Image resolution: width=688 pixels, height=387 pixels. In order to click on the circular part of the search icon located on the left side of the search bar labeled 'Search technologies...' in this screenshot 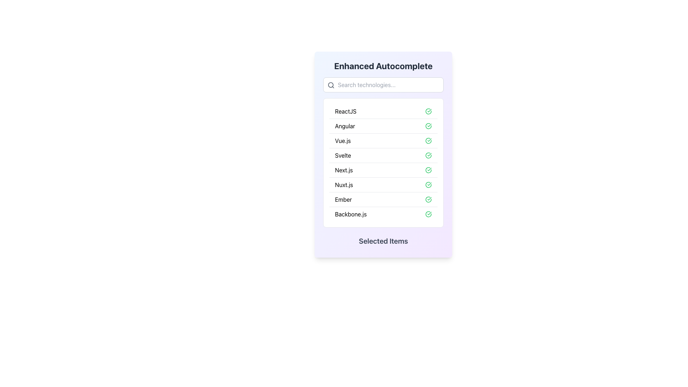, I will do `click(330, 85)`.